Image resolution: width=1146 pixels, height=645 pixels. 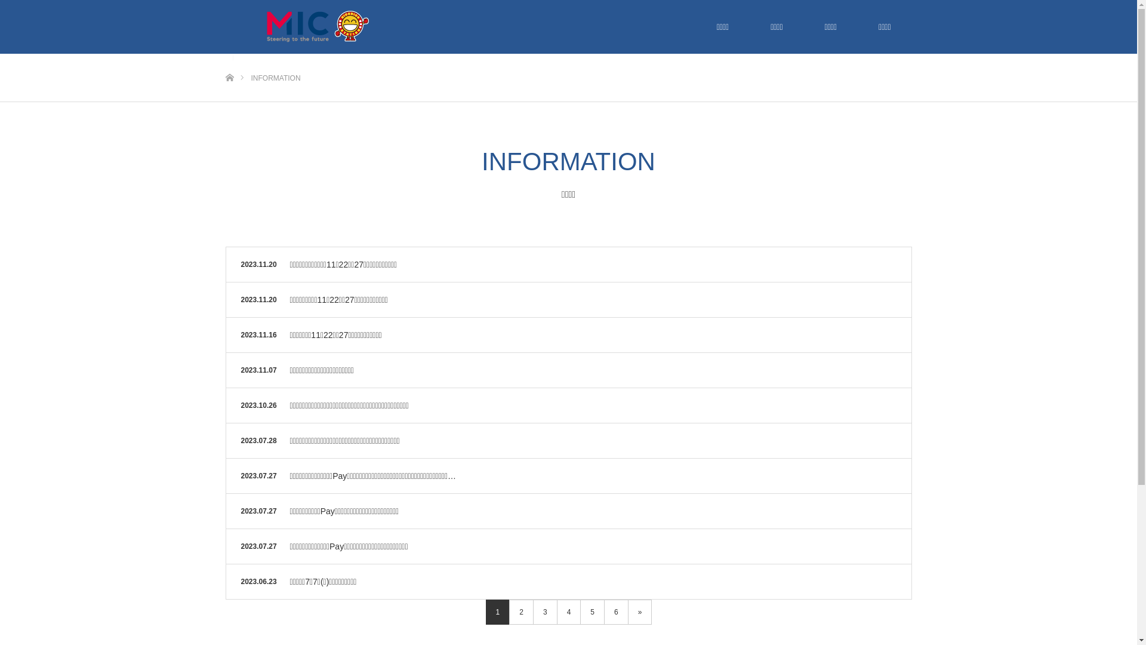 What do you see at coordinates (616, 612) in the screenshot?
I see `'6'` at bounding box center [616, 612].